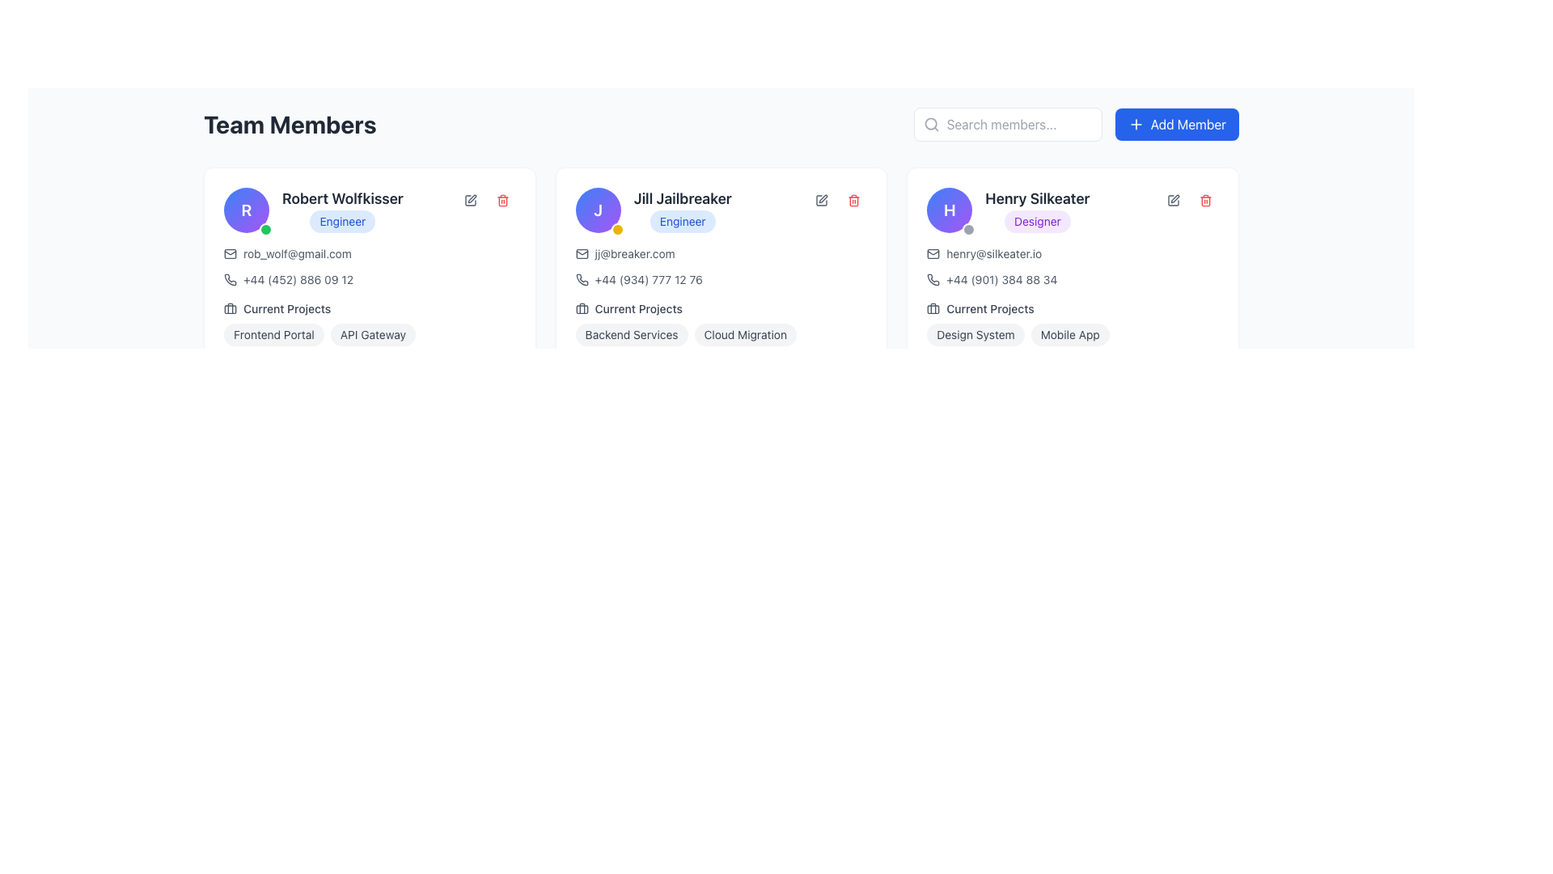 The height and width of the screenshot is (874, 1553). Describe the element at coordinates (582, 308) in the screenshot. I see `the briefcase icon located within the 'Current Projects' section of 'Jill Jailbreaker' card, positioned to the left of the label text` at that location.